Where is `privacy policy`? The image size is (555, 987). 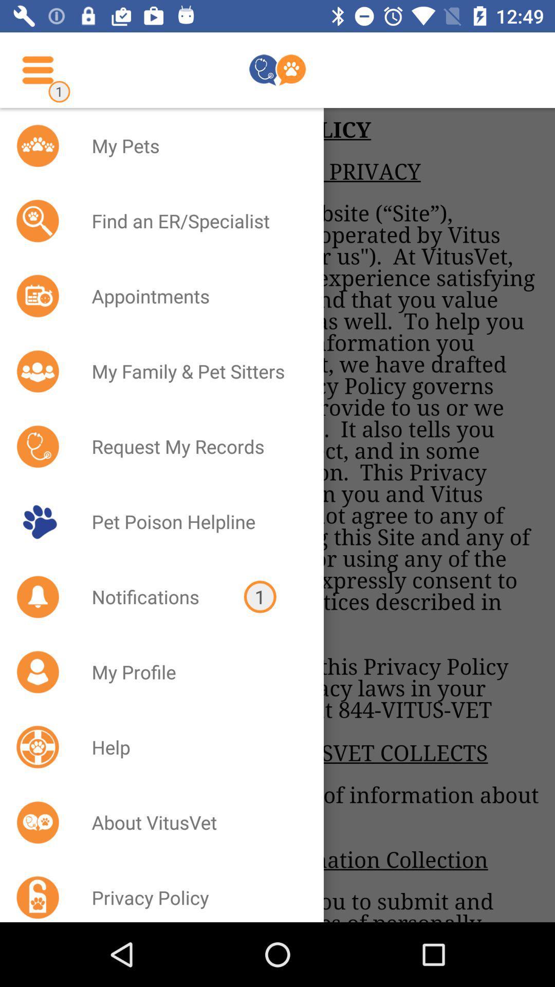 privacy policy is located at coordinates (194, 893).